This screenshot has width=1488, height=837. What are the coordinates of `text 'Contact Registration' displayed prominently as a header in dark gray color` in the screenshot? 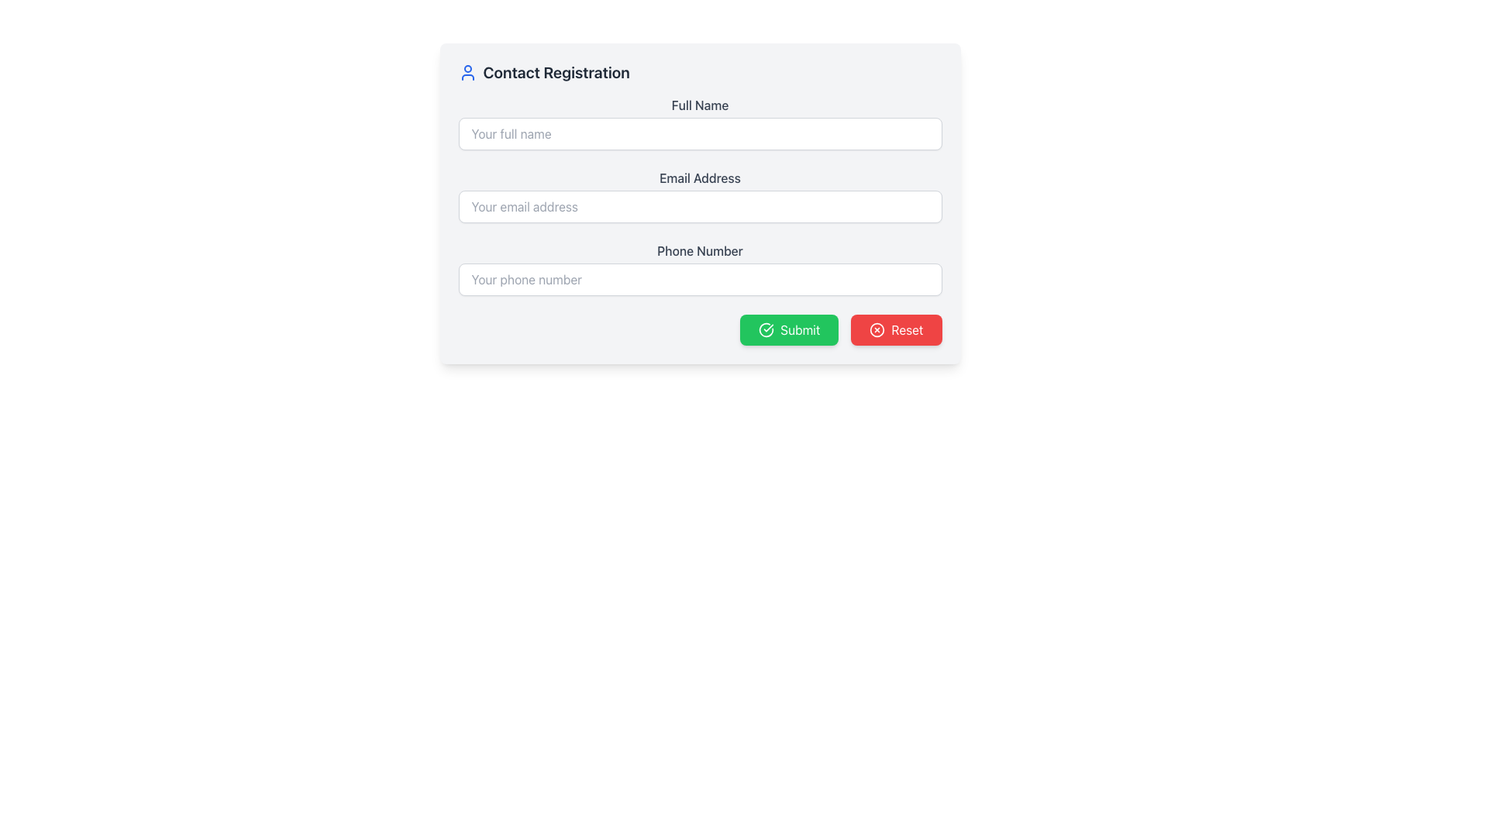 It's located at (556, 72).